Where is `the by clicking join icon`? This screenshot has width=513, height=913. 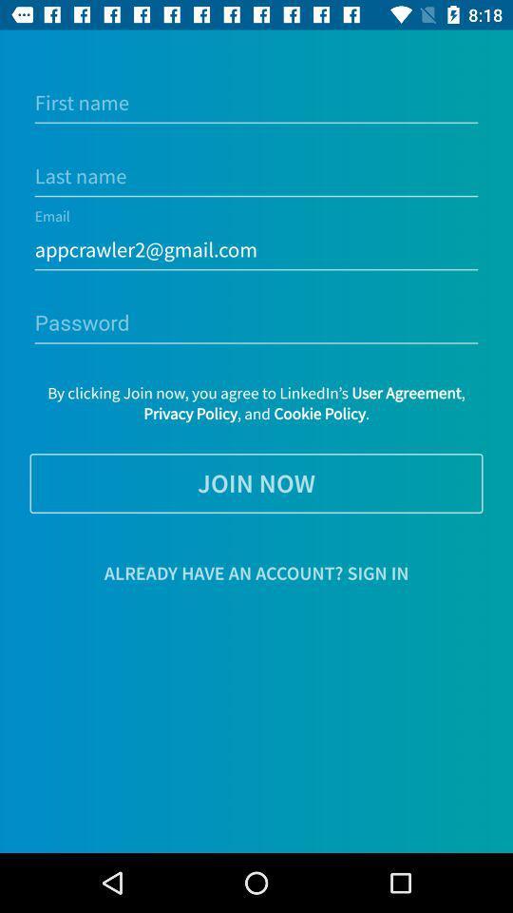
the by clicking join icon is located at coordinates (256, 403).